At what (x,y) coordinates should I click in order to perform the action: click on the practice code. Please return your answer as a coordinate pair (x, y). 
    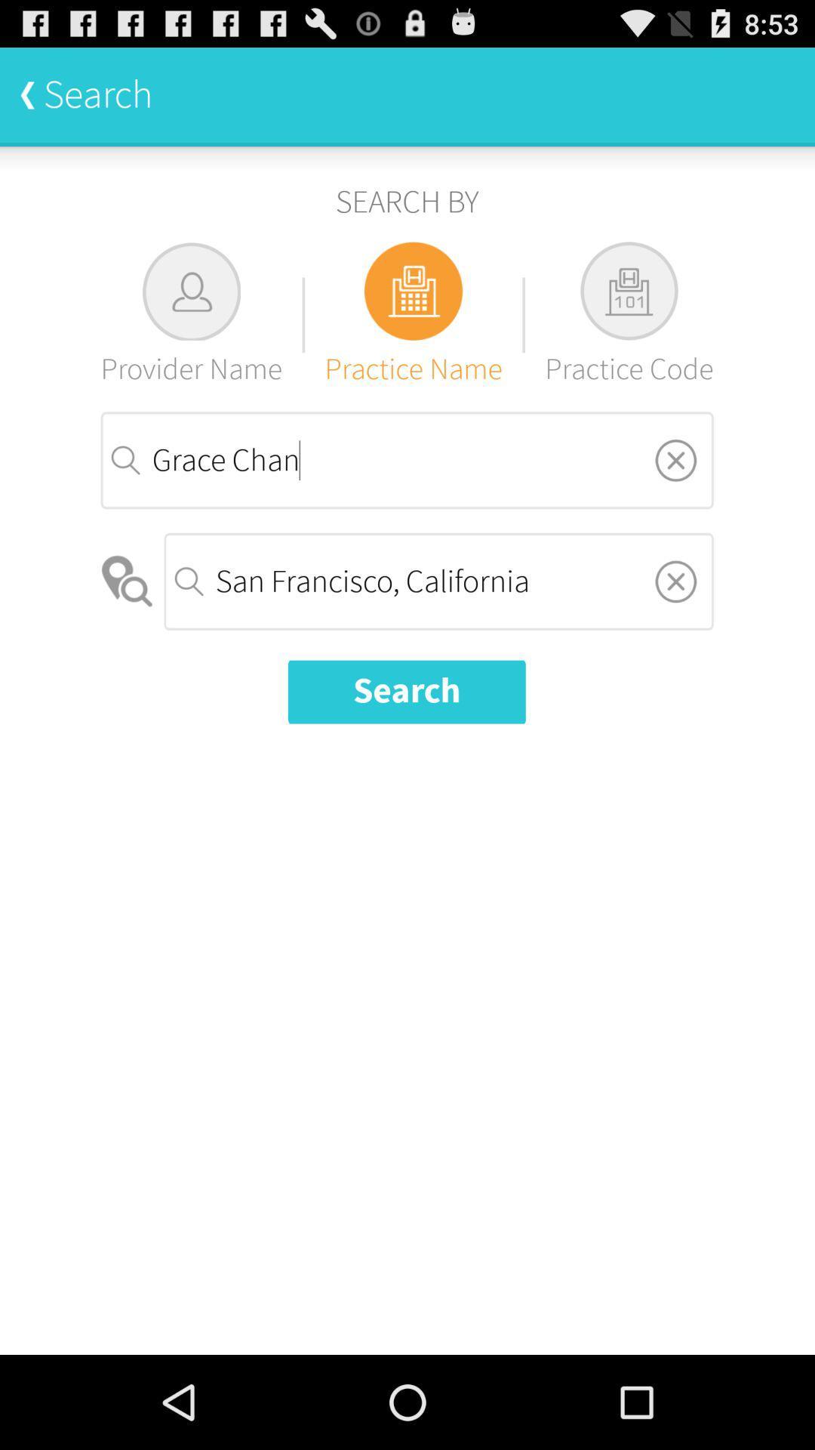
    Looking at the image, I should click on (629, 314).